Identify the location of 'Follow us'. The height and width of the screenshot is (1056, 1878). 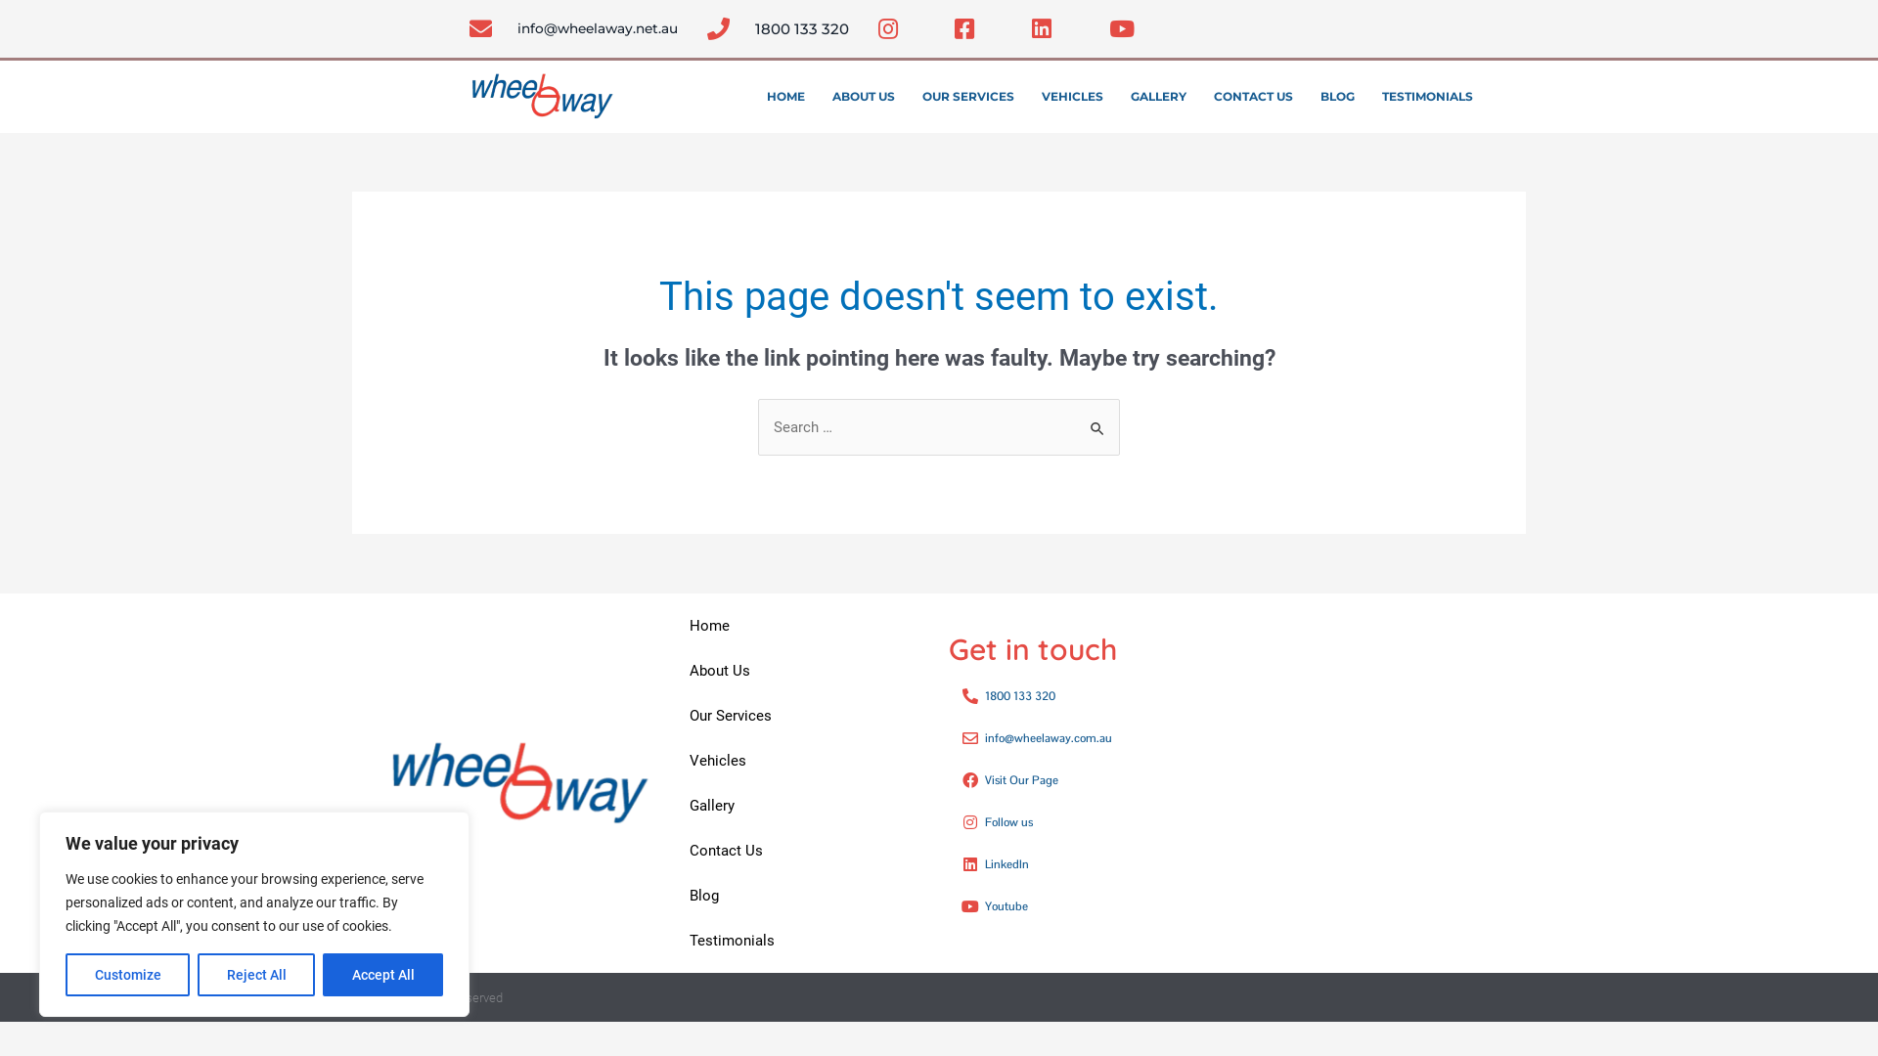
(1083, 821).